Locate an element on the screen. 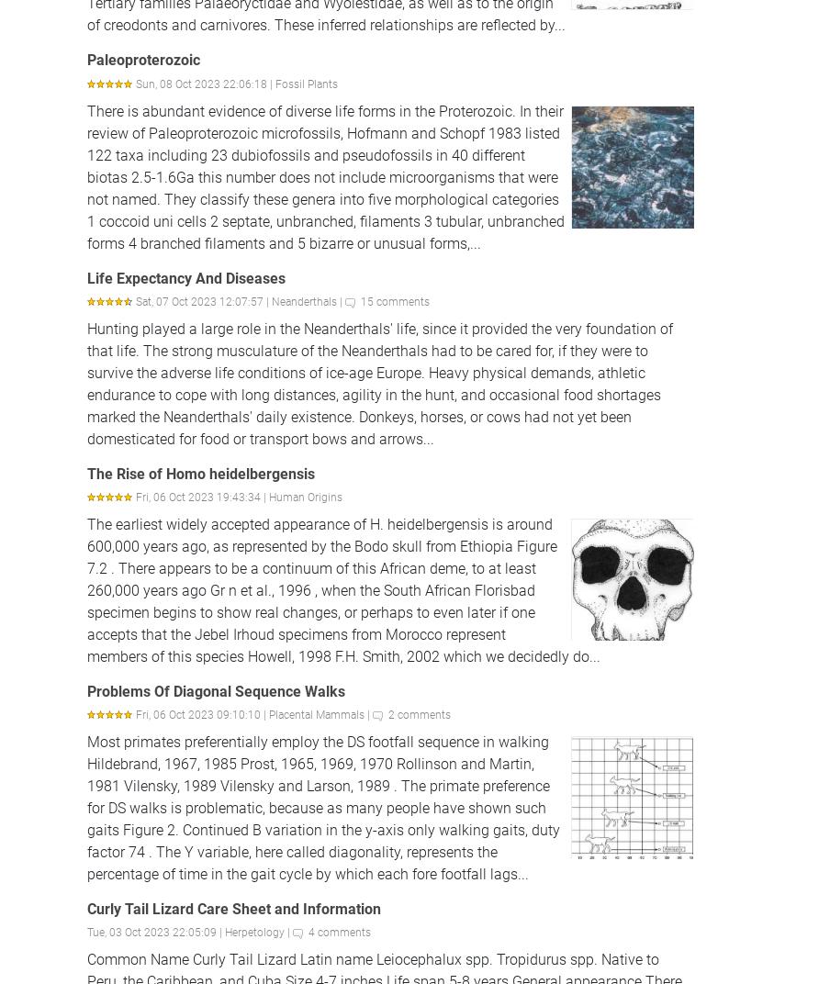  'Human Origins' is located at coordinates (306, 496).